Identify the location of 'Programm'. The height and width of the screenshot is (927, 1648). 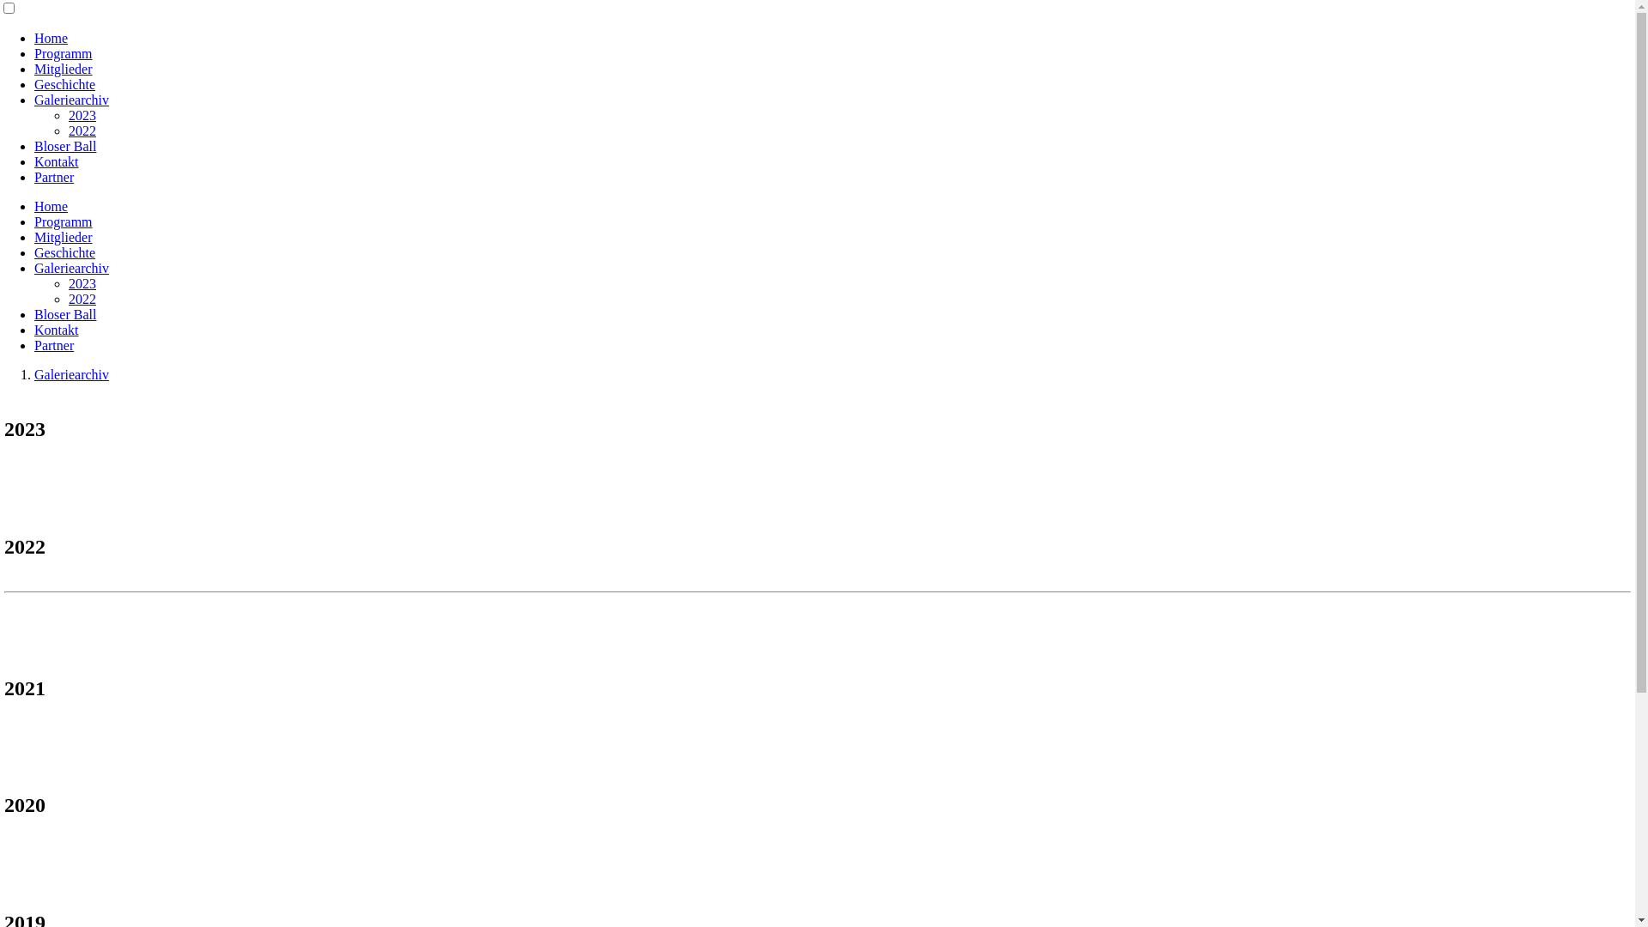
(63, 52).